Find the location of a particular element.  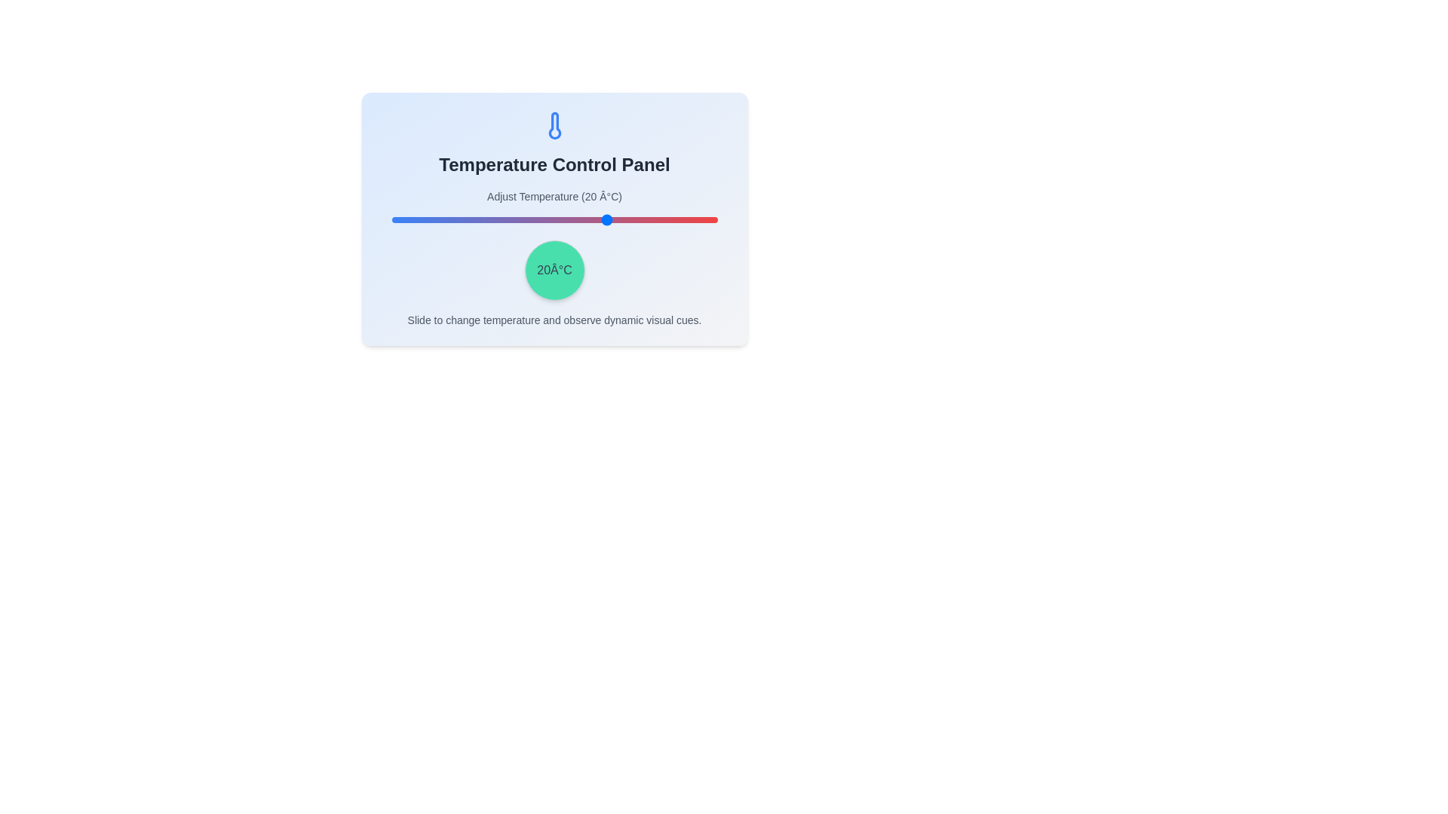

the temperature slider to 29°C is located at coordinates (641, 220).